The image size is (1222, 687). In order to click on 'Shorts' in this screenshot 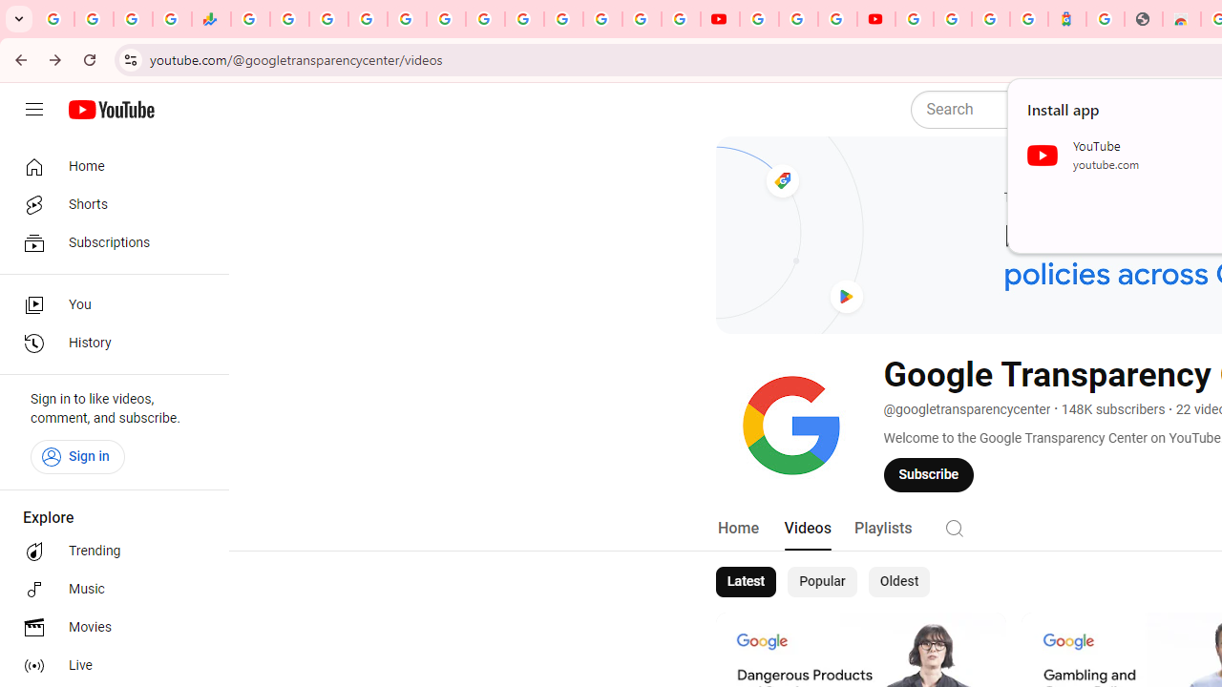, I will do `click(107, 204)`.